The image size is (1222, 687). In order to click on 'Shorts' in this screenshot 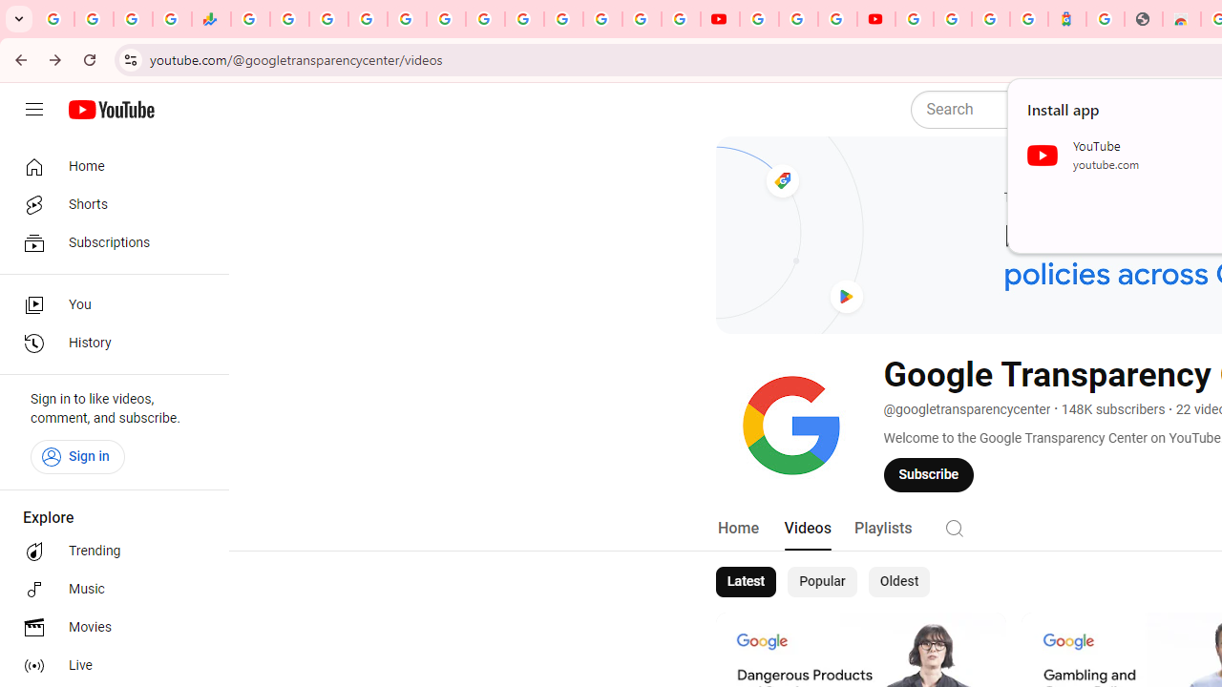, I will do `click(107, 204)`.